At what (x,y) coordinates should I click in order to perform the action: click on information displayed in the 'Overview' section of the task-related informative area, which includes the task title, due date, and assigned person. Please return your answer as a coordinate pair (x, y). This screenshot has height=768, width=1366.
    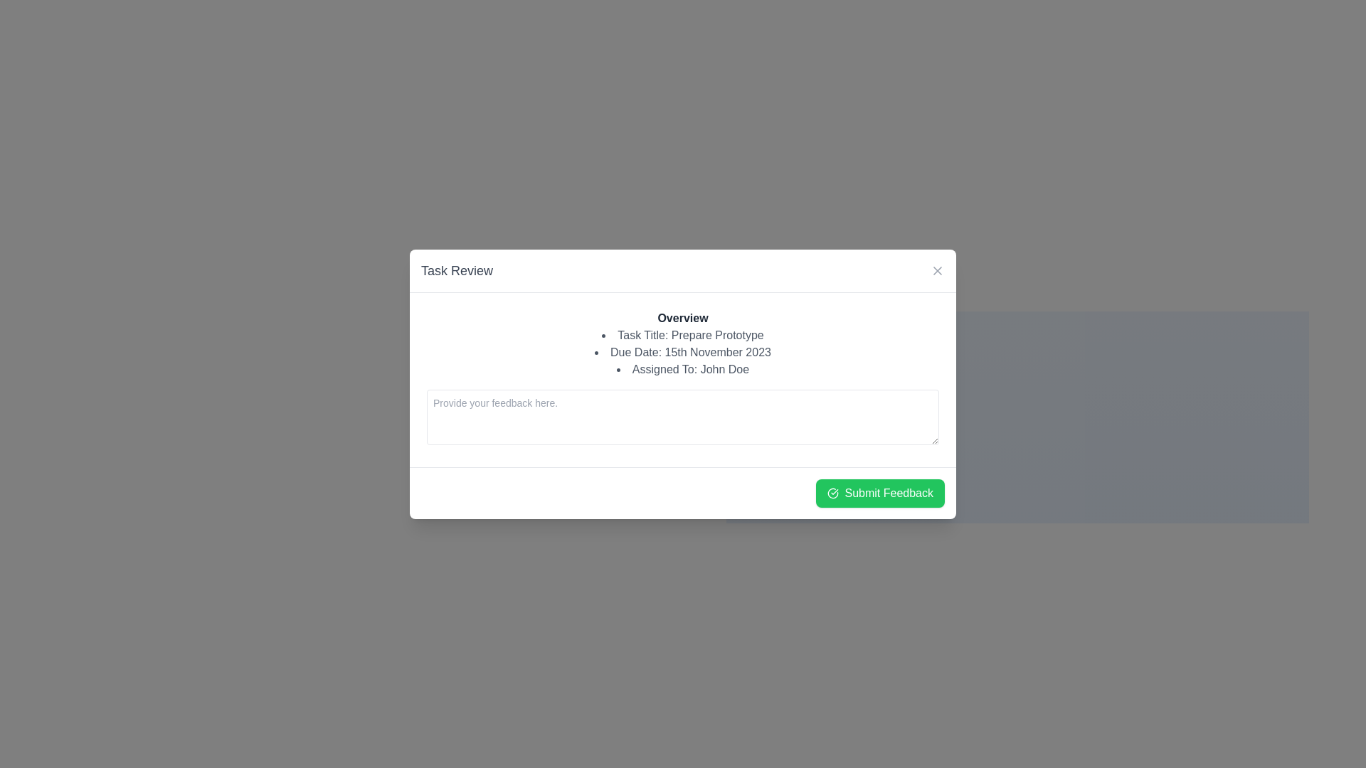
    Looking at the image, I should click on (683, 378).